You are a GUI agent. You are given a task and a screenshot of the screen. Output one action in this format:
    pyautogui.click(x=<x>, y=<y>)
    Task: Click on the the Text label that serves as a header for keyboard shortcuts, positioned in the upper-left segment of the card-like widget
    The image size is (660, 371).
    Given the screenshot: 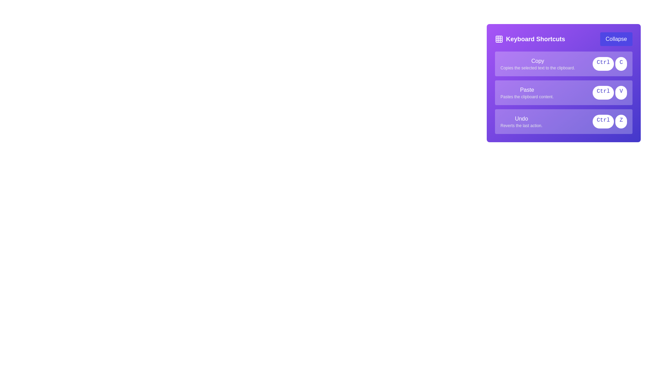 What is the action you would take?
    pyautogui.click(x=535, y=39)
    